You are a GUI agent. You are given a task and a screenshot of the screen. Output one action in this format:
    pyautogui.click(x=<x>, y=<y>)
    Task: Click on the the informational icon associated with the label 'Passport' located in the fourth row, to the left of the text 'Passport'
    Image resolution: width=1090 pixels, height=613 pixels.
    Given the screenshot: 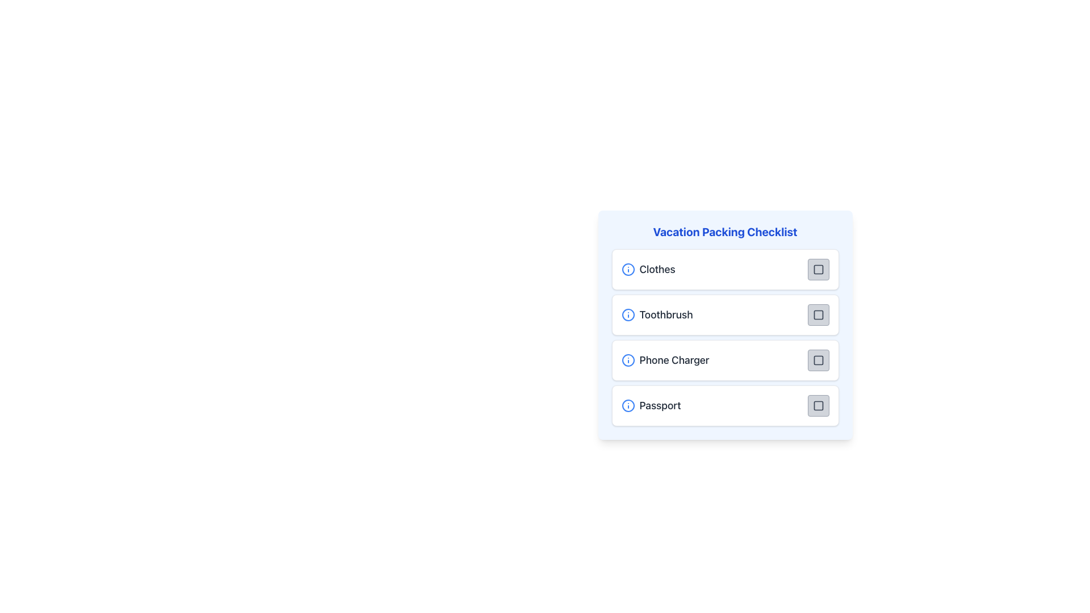 What is the action you would take?
    pyautogui.click(x=627, y=405)
    